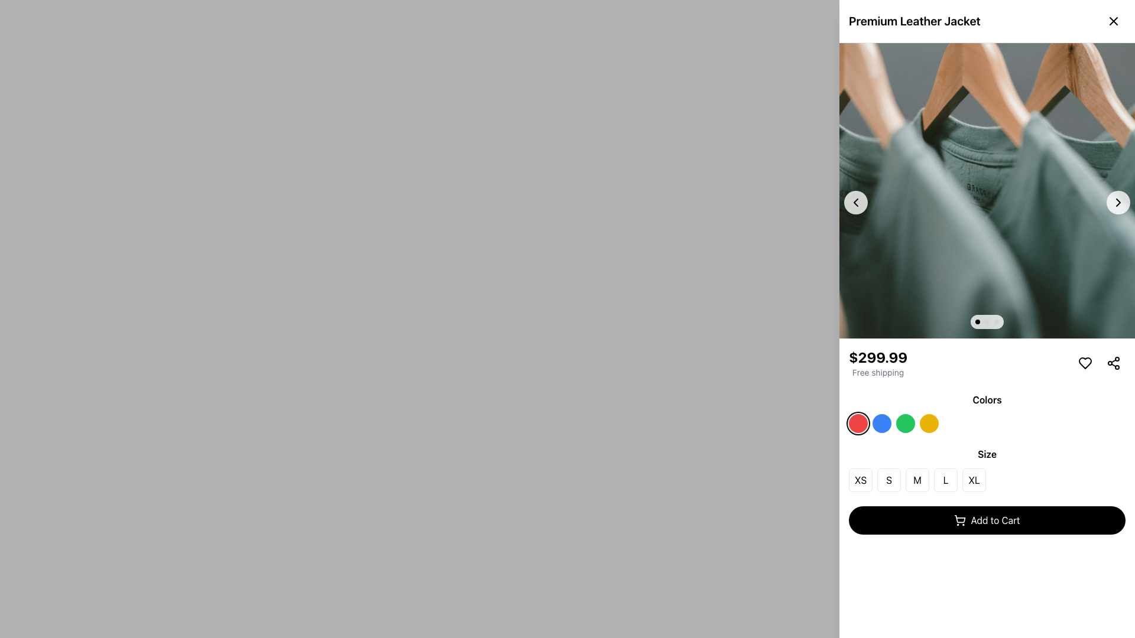  Describe the element at coordinates (1113, 21) in the screenshot. I see `the close button represented by an 'X' symbol in the top right corner of the interface` at that location.